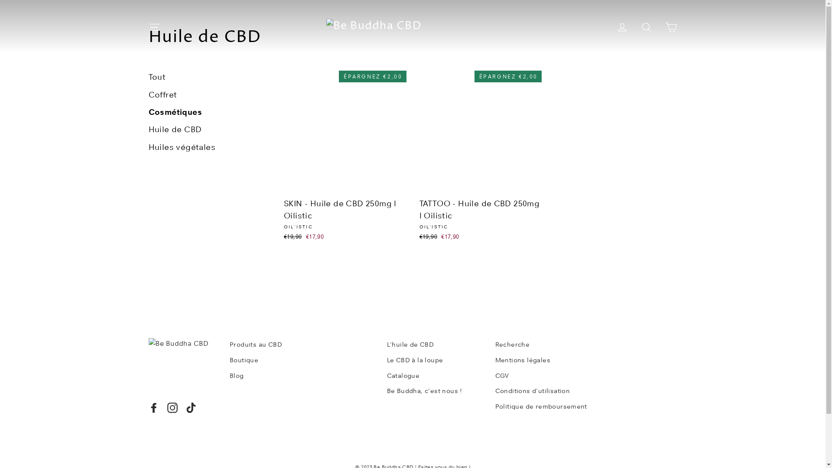 The image size is (832, 468). Describe the element at coordinates (434, 391) in the screenshot. I see `'Be Buddha, c'est nous !'` at that location.